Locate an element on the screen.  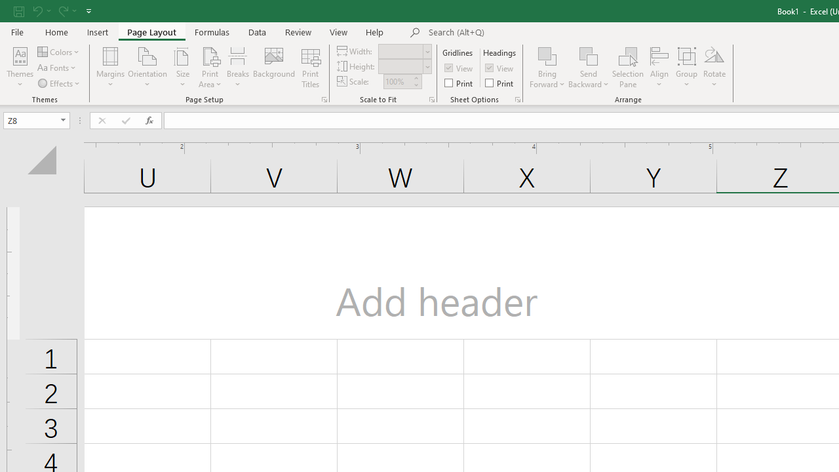
'Data' is located at coordinates (257, 31).